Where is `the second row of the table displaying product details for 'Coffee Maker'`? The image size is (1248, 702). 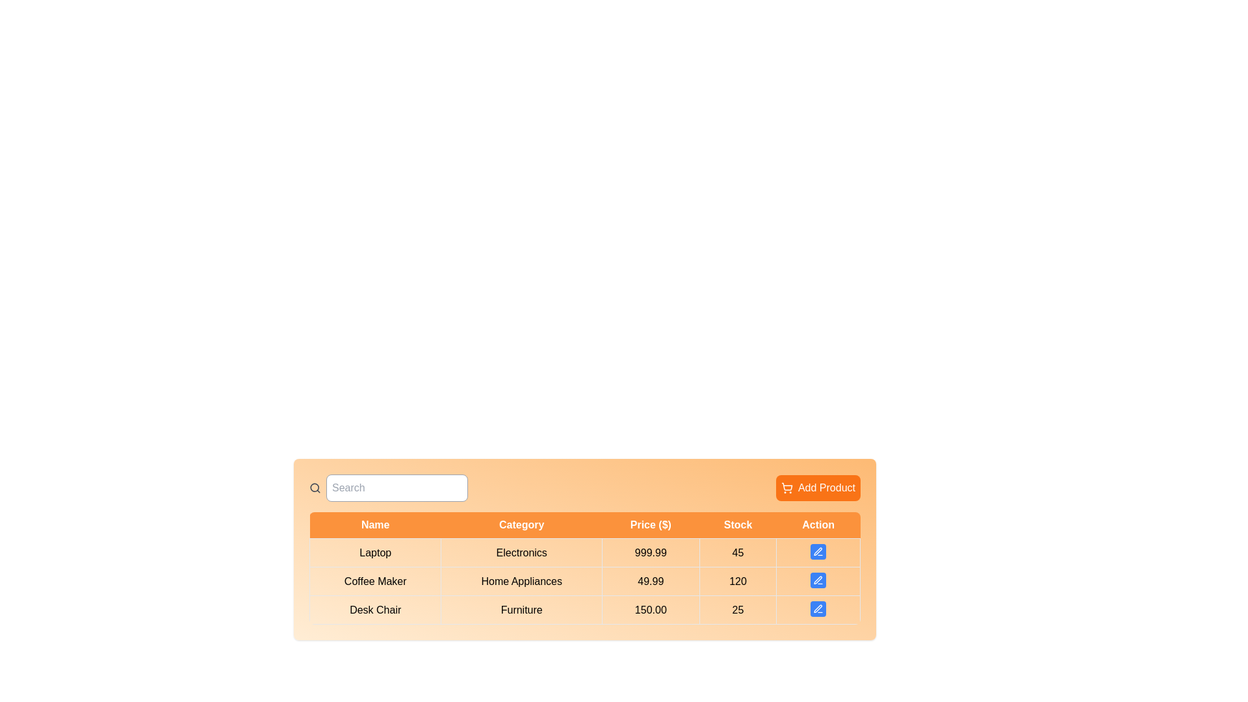 the second row of the table displaying product details for 'Coffee Maker' is located at coordinates (584, 580).